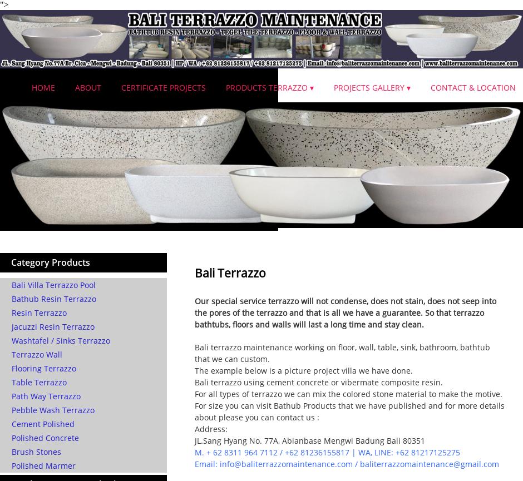  What do you see at coordinates (54, 298) in the screenshot?
I see `'Bathub Resin Terrazzo'` at bounding box center [54, 298].